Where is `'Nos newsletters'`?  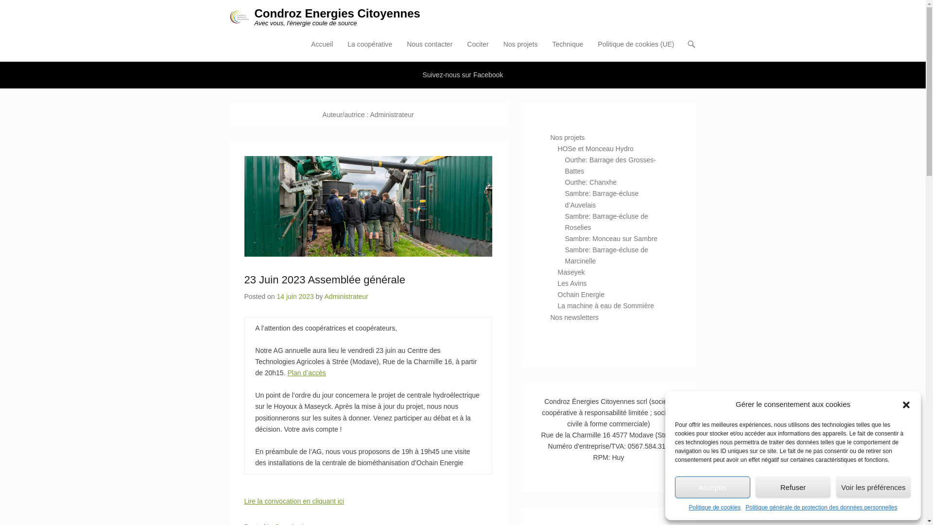
'Nos newsletters' is located at coordinates (574, 316).